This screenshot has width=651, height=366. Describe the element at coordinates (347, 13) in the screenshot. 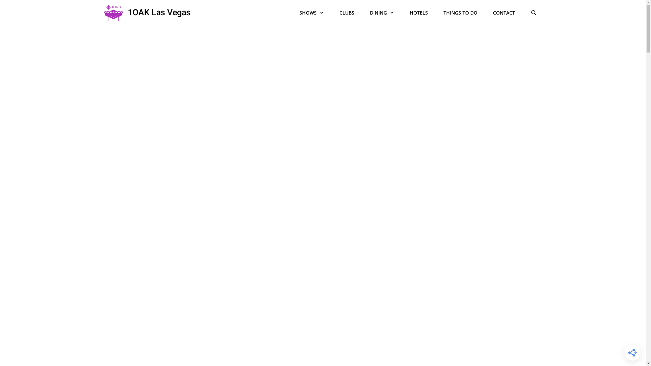

I see `'CLUBS'` at that location.